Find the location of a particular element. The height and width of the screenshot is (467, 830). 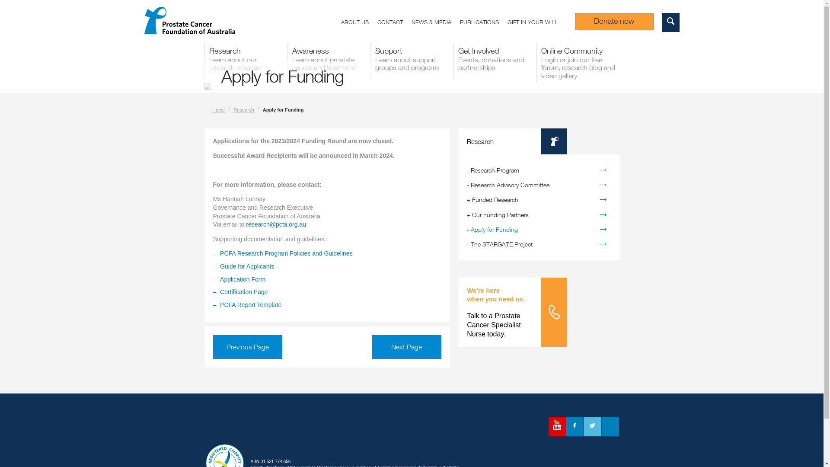

'Next Page' is located at coordinates (406, 346).